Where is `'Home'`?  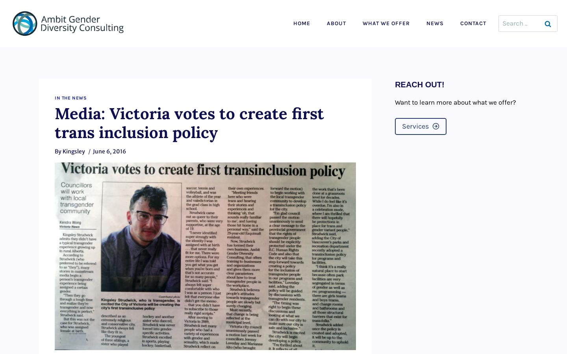
'Home' is located at coordinates (301, 22).